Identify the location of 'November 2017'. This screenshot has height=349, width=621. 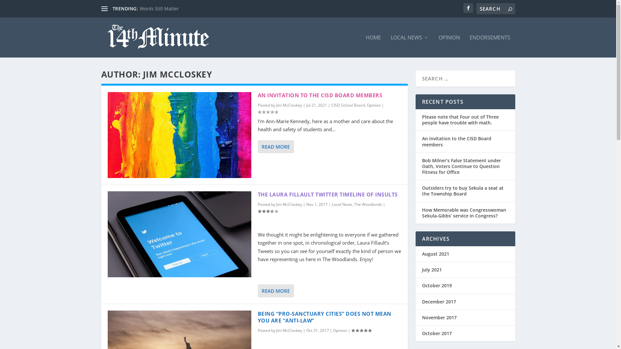
(422, 317).